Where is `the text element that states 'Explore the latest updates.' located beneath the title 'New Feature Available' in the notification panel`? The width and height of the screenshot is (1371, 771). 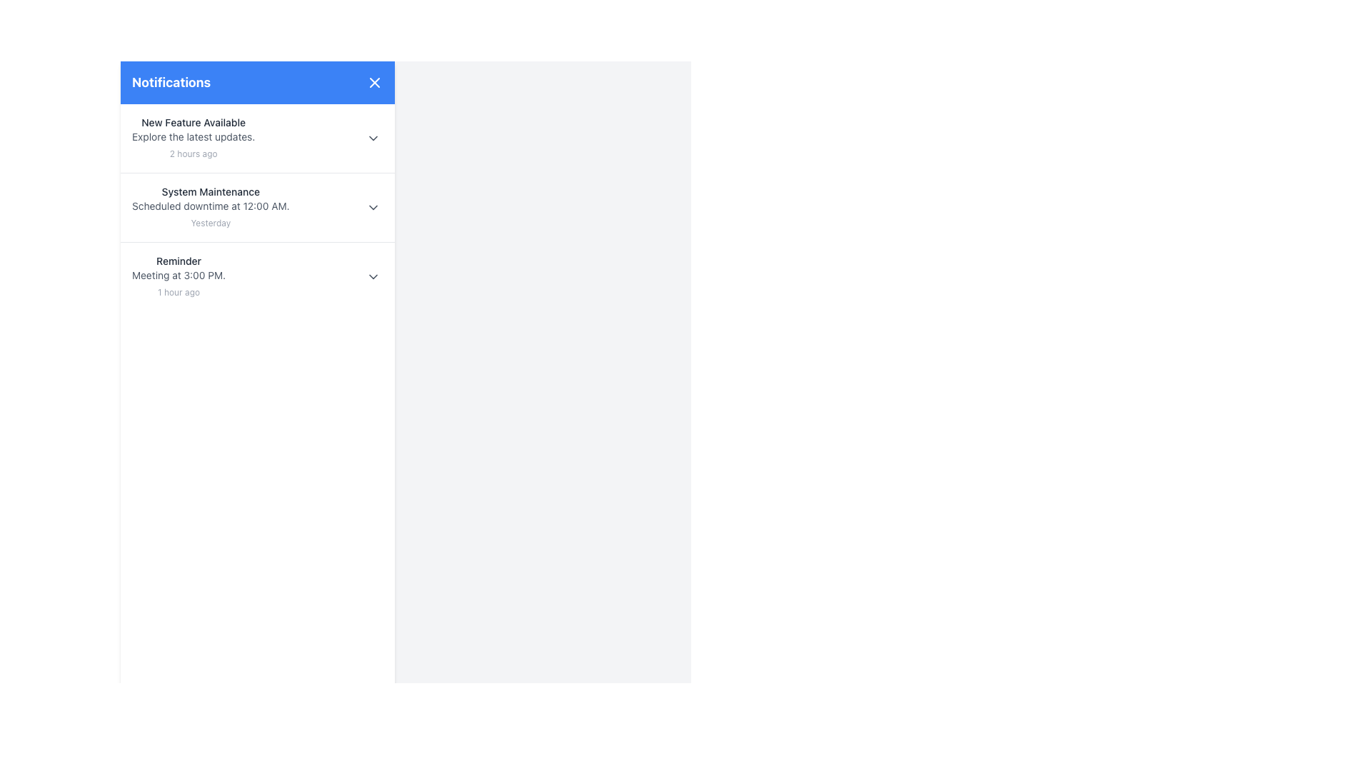 the text element that states 'Explore the latest updates.' located beneath the title 'New Feature Available' in the notification panel is located at coordinates (193, 137).